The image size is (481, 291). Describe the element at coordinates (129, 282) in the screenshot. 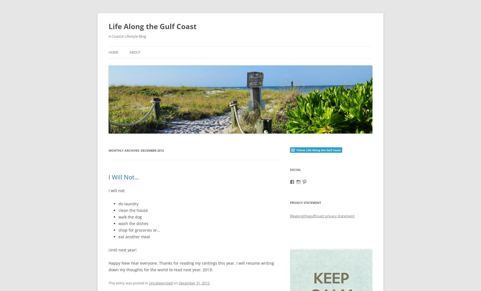

I see `'This entry was posted in'` at that location.